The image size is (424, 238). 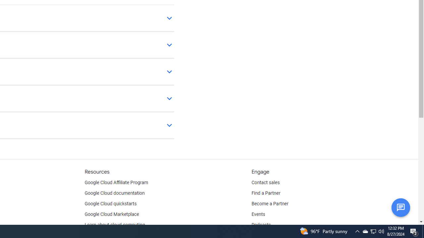 What do you see at coordinates (111, 204) in the screenshot?
I see `'Google Cloud quickstarts'` at bounding box center [111, 204].